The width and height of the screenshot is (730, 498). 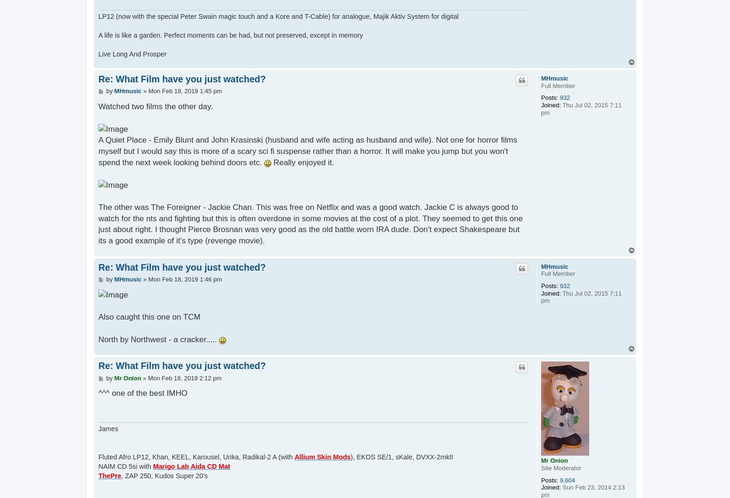 What do you see at coordinates (155, 106) in the screenshot?
I see `'Watched two films the other day.'` at bounding box center [155, 106].